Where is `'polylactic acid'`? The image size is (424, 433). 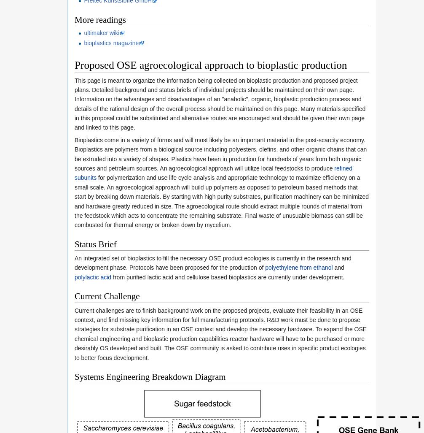
'polylactic acid' is located at coordinates (93, 277).